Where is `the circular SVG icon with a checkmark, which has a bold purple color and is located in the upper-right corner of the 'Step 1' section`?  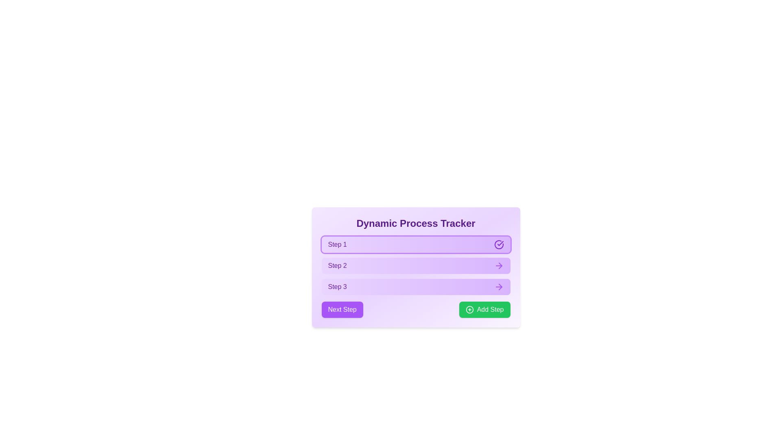
the circular SVG icon with a checkmark, which has a bold purple color and is located in the upper-right corner of the 'Step 1' section is located at coordinates (498, 244).